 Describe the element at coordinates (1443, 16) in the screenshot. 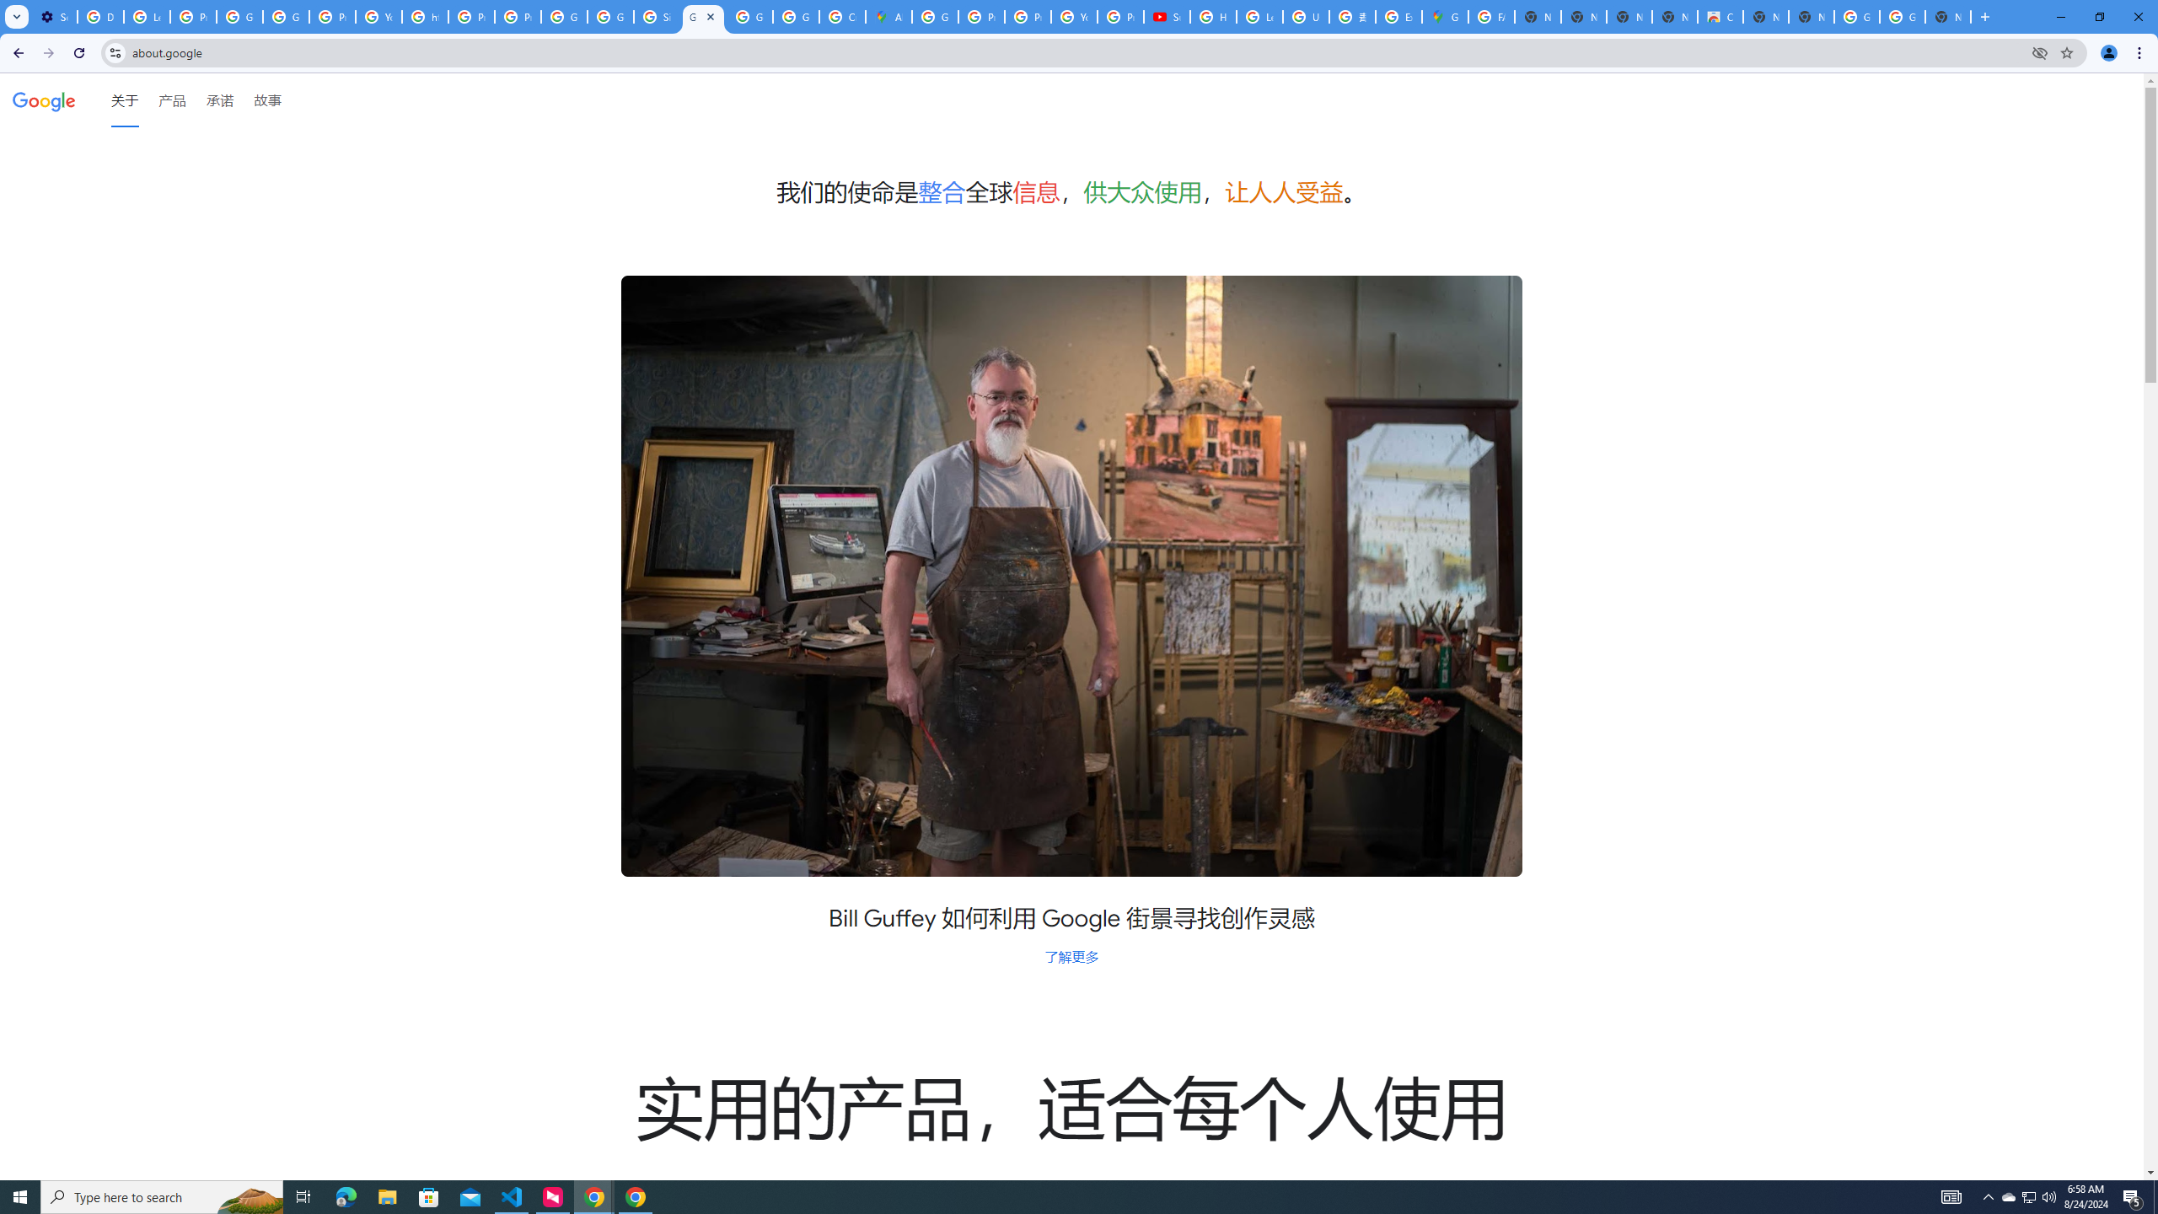

I see `'Google Maps'` at that location.